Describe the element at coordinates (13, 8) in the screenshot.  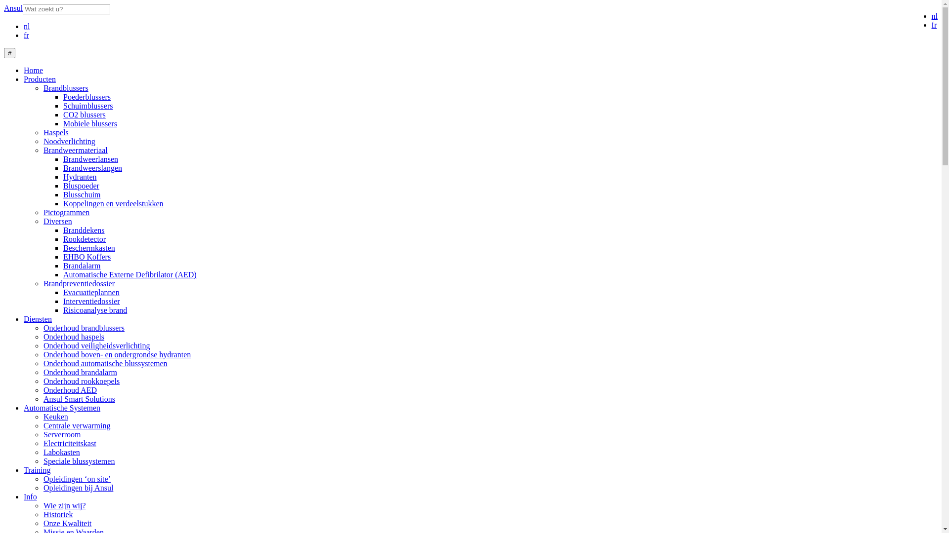
I see `'Ansul'` at that location.